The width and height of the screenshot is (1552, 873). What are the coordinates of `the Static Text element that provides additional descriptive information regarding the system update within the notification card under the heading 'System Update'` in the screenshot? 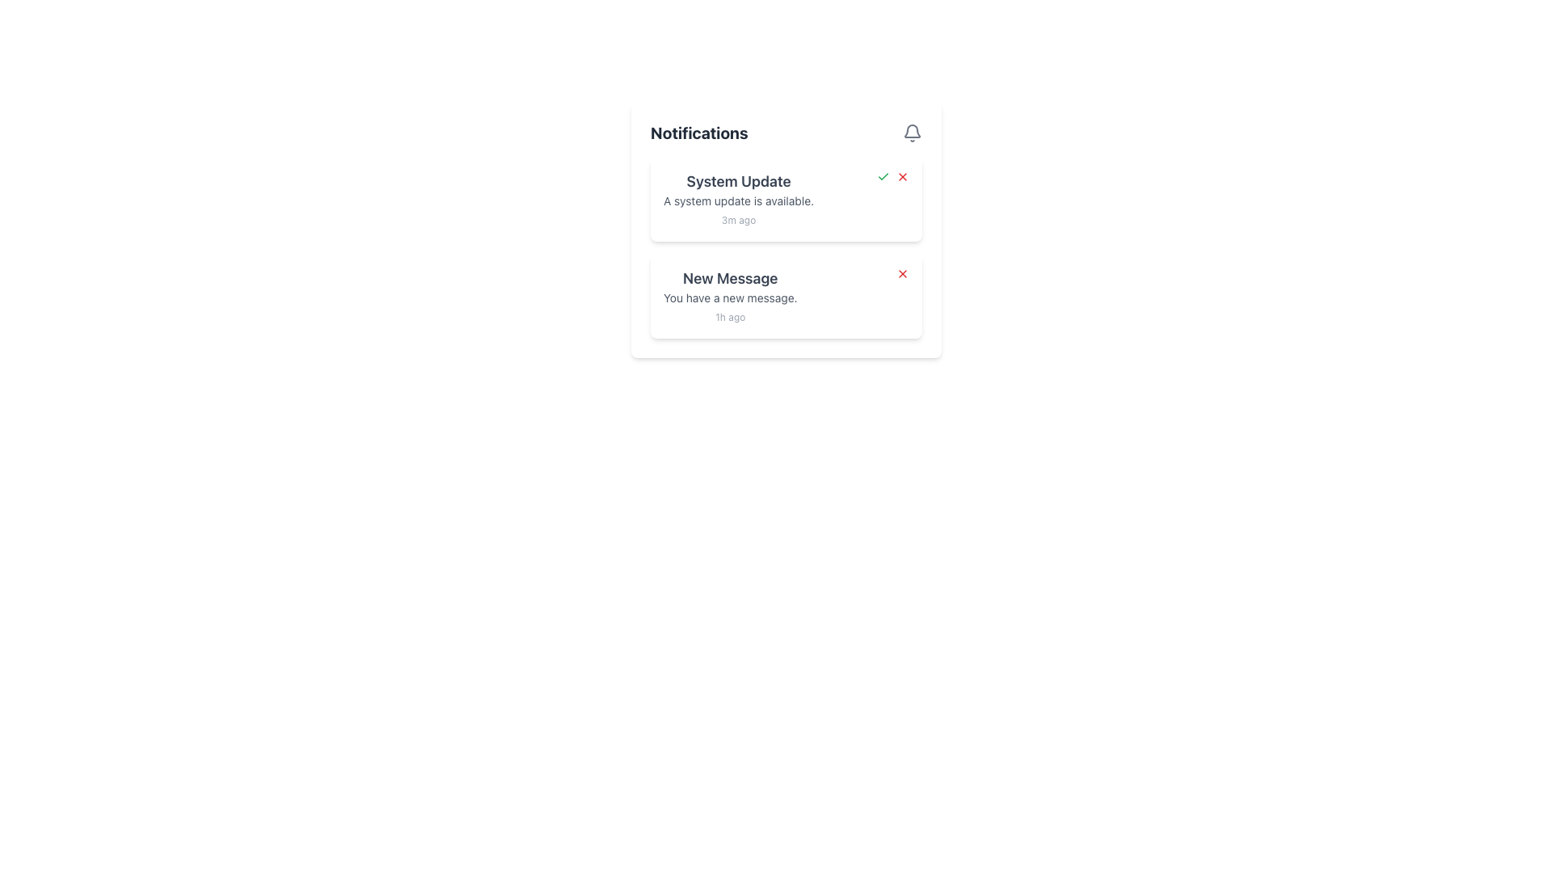 It's located at (738, 200).